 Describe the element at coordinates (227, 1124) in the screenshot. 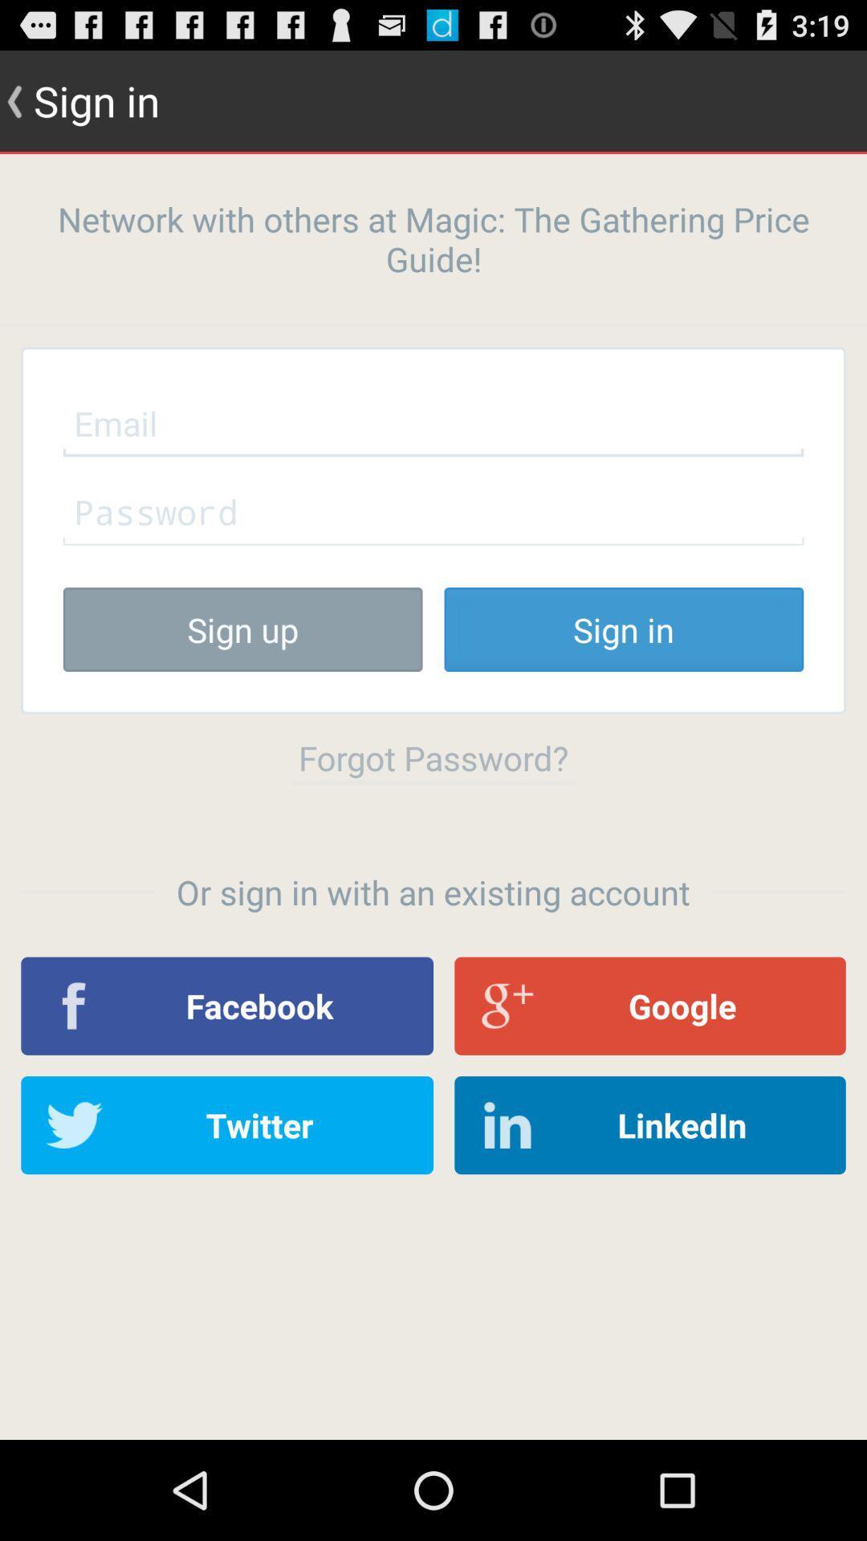

I see `the item to the left of linkedin item` at that location.